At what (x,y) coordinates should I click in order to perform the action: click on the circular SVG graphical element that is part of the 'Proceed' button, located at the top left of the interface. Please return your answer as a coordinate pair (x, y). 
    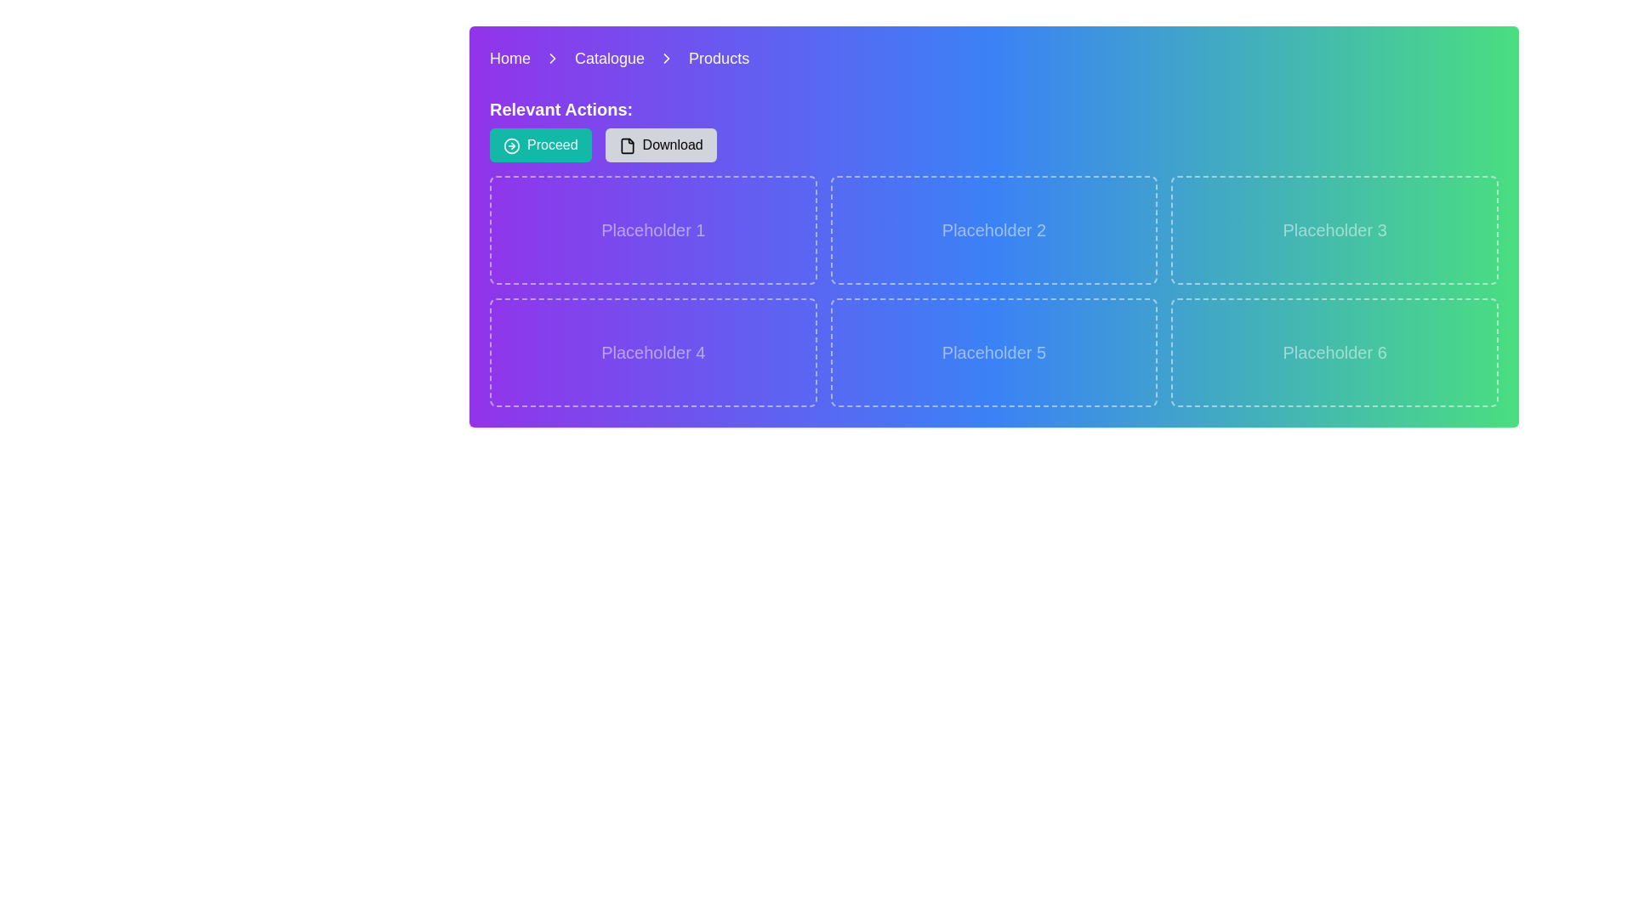
    Looking at the image, I should click on (510, 144).